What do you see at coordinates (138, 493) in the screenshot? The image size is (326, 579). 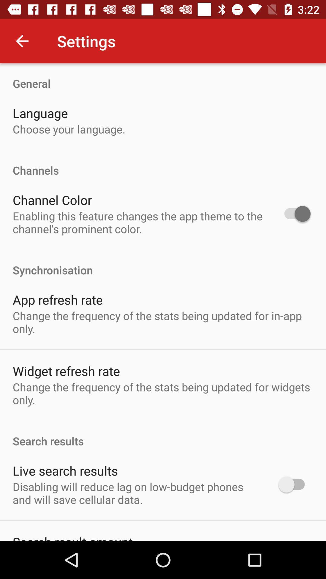 I see `the disabling will reduce` at bounding box center [138, 493].